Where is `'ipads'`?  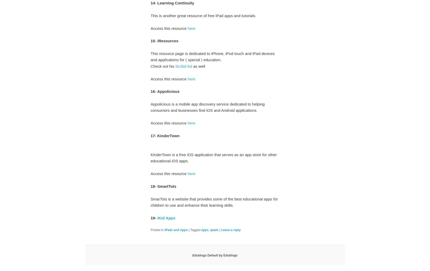 'ipads' is located at coordinates (214, 230).